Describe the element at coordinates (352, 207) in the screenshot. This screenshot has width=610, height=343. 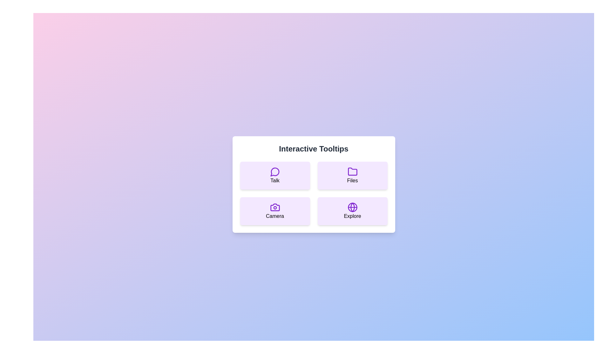
I see `the purple circular globe icon with internal grid-like lines, located within the 'Explore' button in the bottom-right corner of the grid layout` at that location.